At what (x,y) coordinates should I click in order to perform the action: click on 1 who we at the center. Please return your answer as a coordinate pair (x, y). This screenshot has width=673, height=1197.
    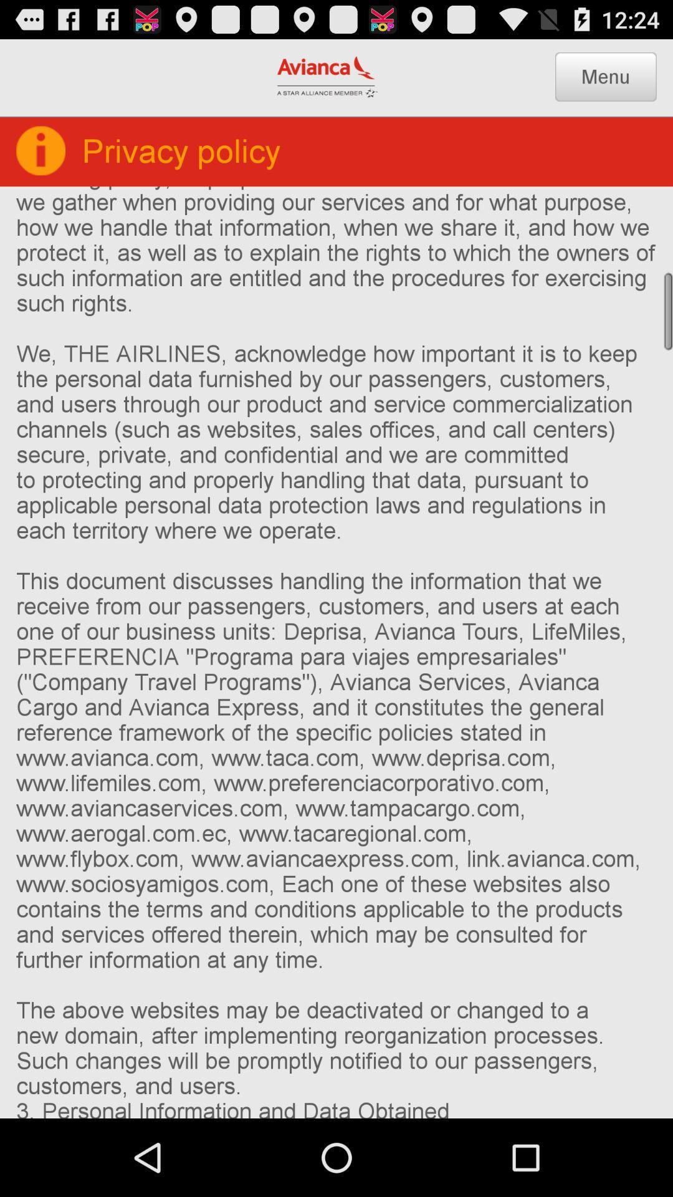
    Looking at the image, I should click on (336, 651).